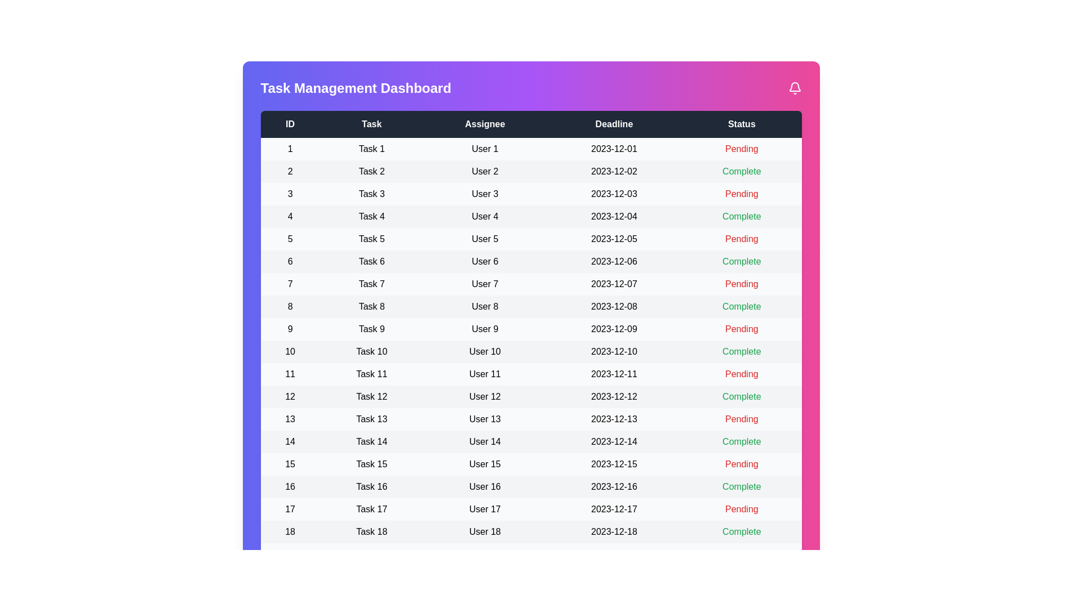 Image resolution: width=1082 pixels, height=608 pixels. What do you see at coordinates (794, 88) in the screenshot?
I see `the notification bell icon` at bounding box center [794, 88].